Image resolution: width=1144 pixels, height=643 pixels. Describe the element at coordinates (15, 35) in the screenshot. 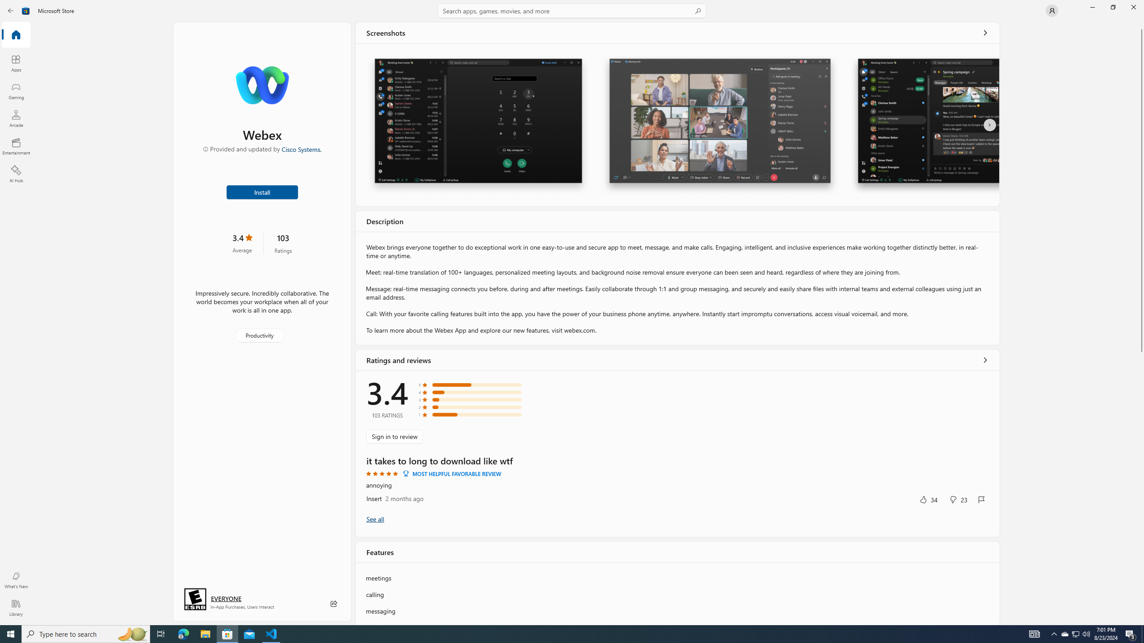

I see `'Home'` at that location.